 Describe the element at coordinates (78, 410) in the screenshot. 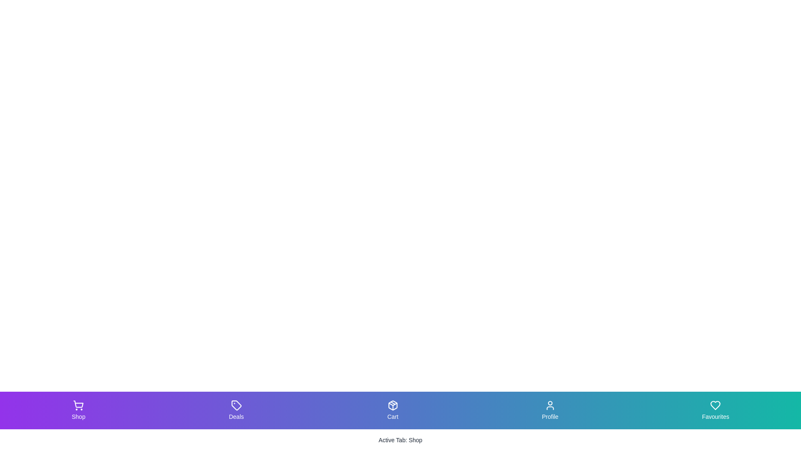

I see `the tab labeled Shop to view its hover effect` at that location.